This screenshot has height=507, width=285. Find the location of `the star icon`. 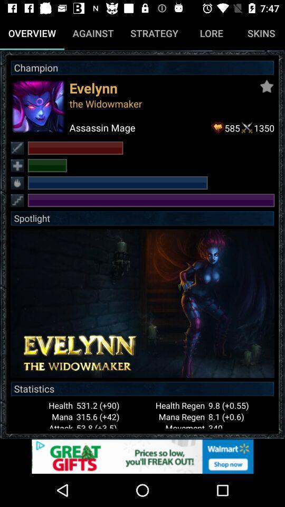

the star icon is located at coordinates (266, 86).